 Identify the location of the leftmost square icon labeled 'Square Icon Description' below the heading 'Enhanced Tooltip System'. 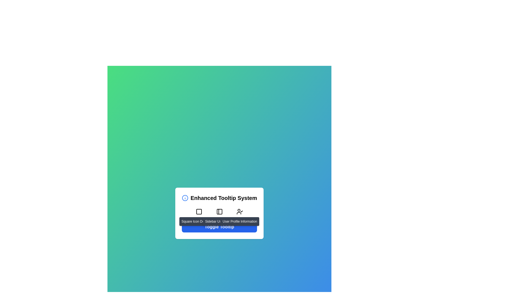
(199, 211).